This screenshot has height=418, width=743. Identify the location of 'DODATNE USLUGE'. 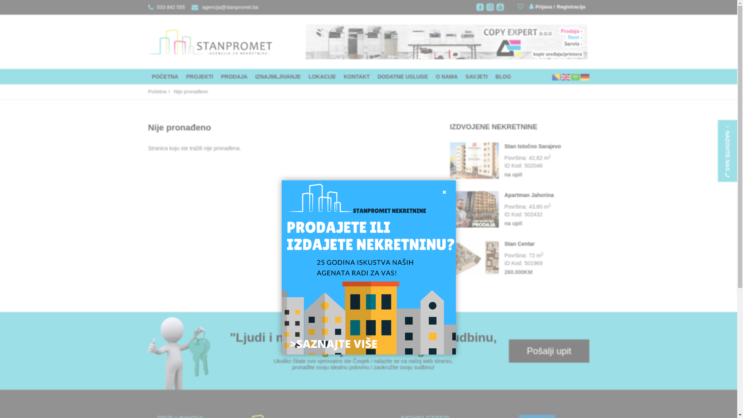
(402, 76).